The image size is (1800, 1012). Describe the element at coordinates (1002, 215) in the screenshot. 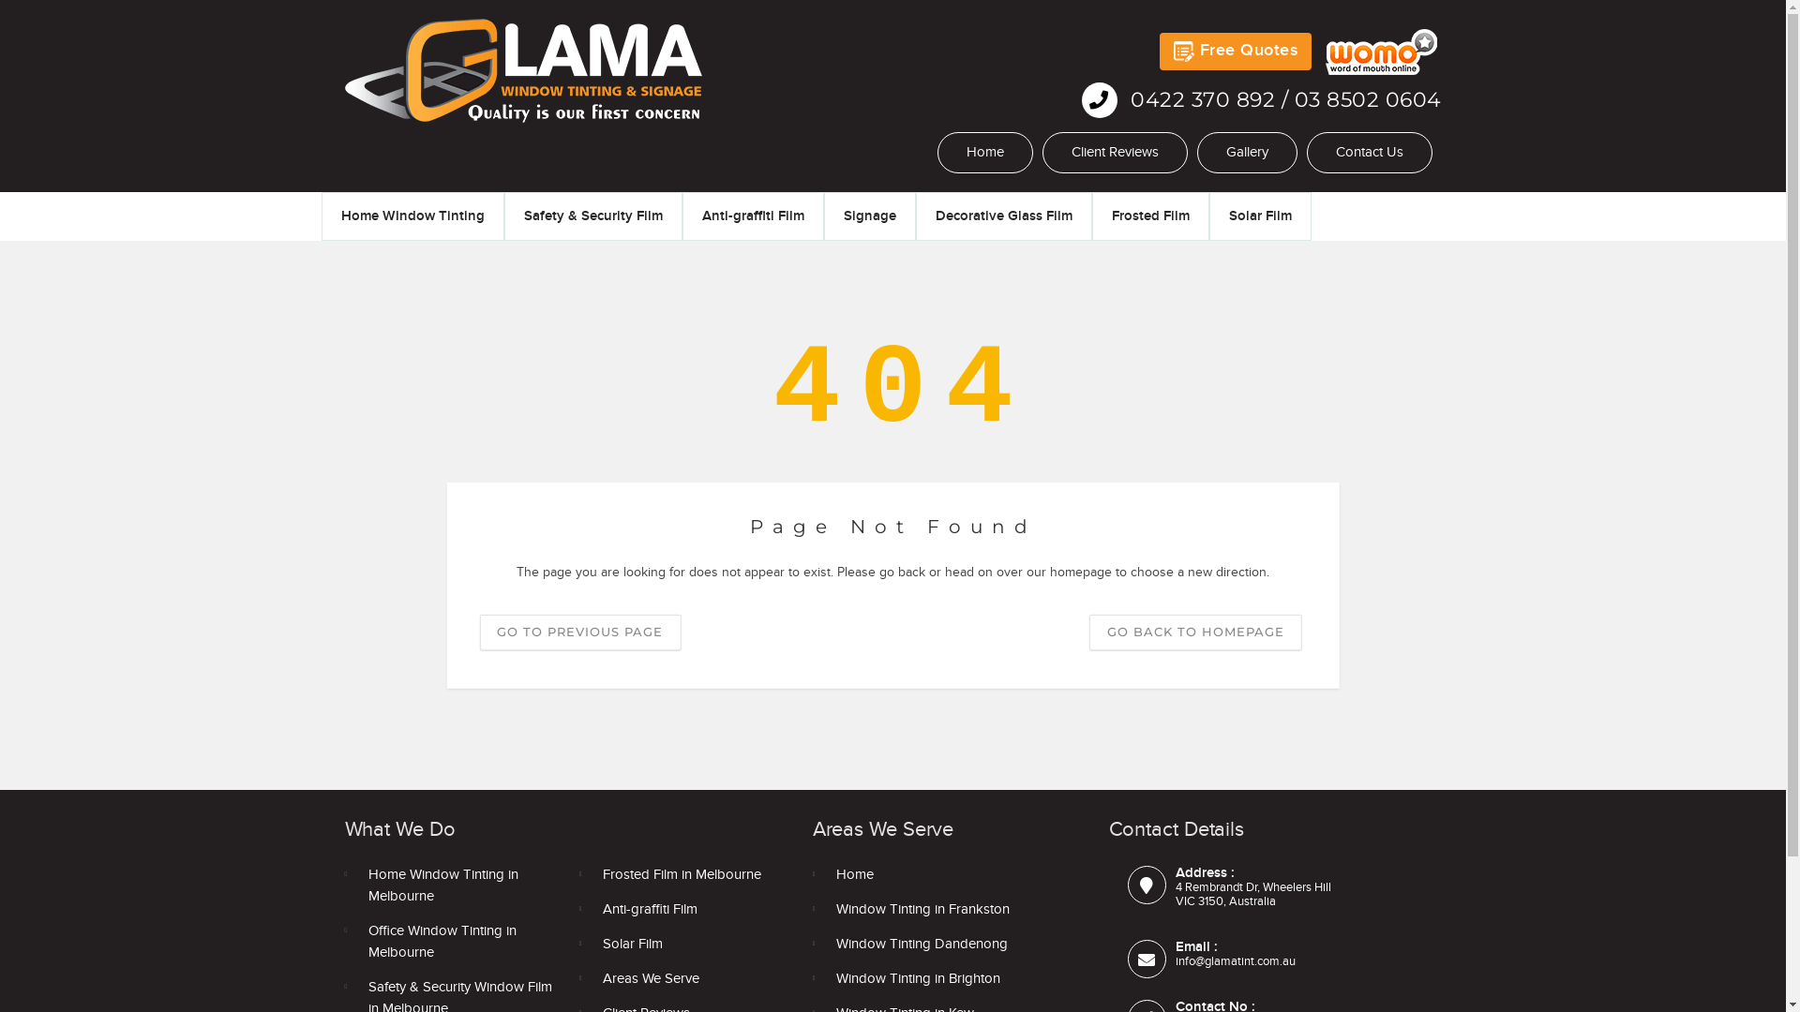

I see `'Decorative Glass Film'` at that location.